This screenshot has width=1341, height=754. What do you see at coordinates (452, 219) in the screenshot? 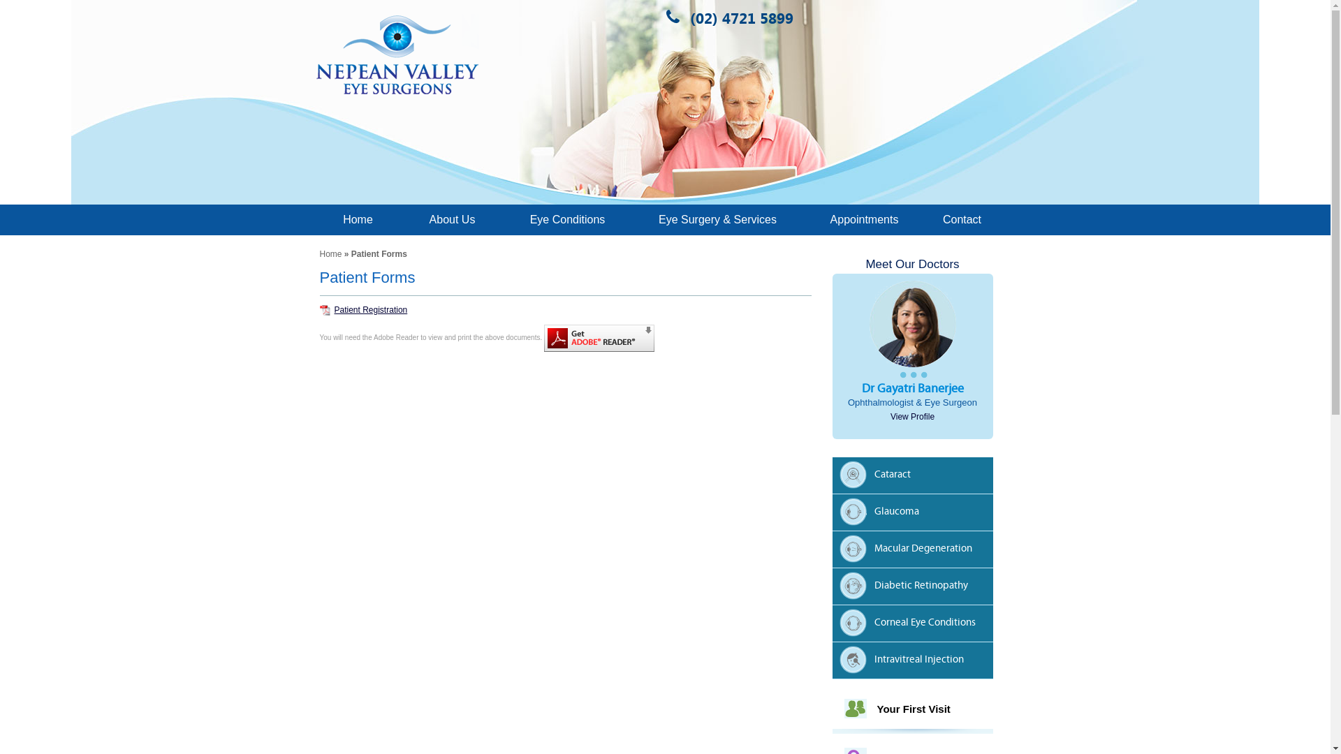
I see `'About Us'` at bounding box center [452, 219].